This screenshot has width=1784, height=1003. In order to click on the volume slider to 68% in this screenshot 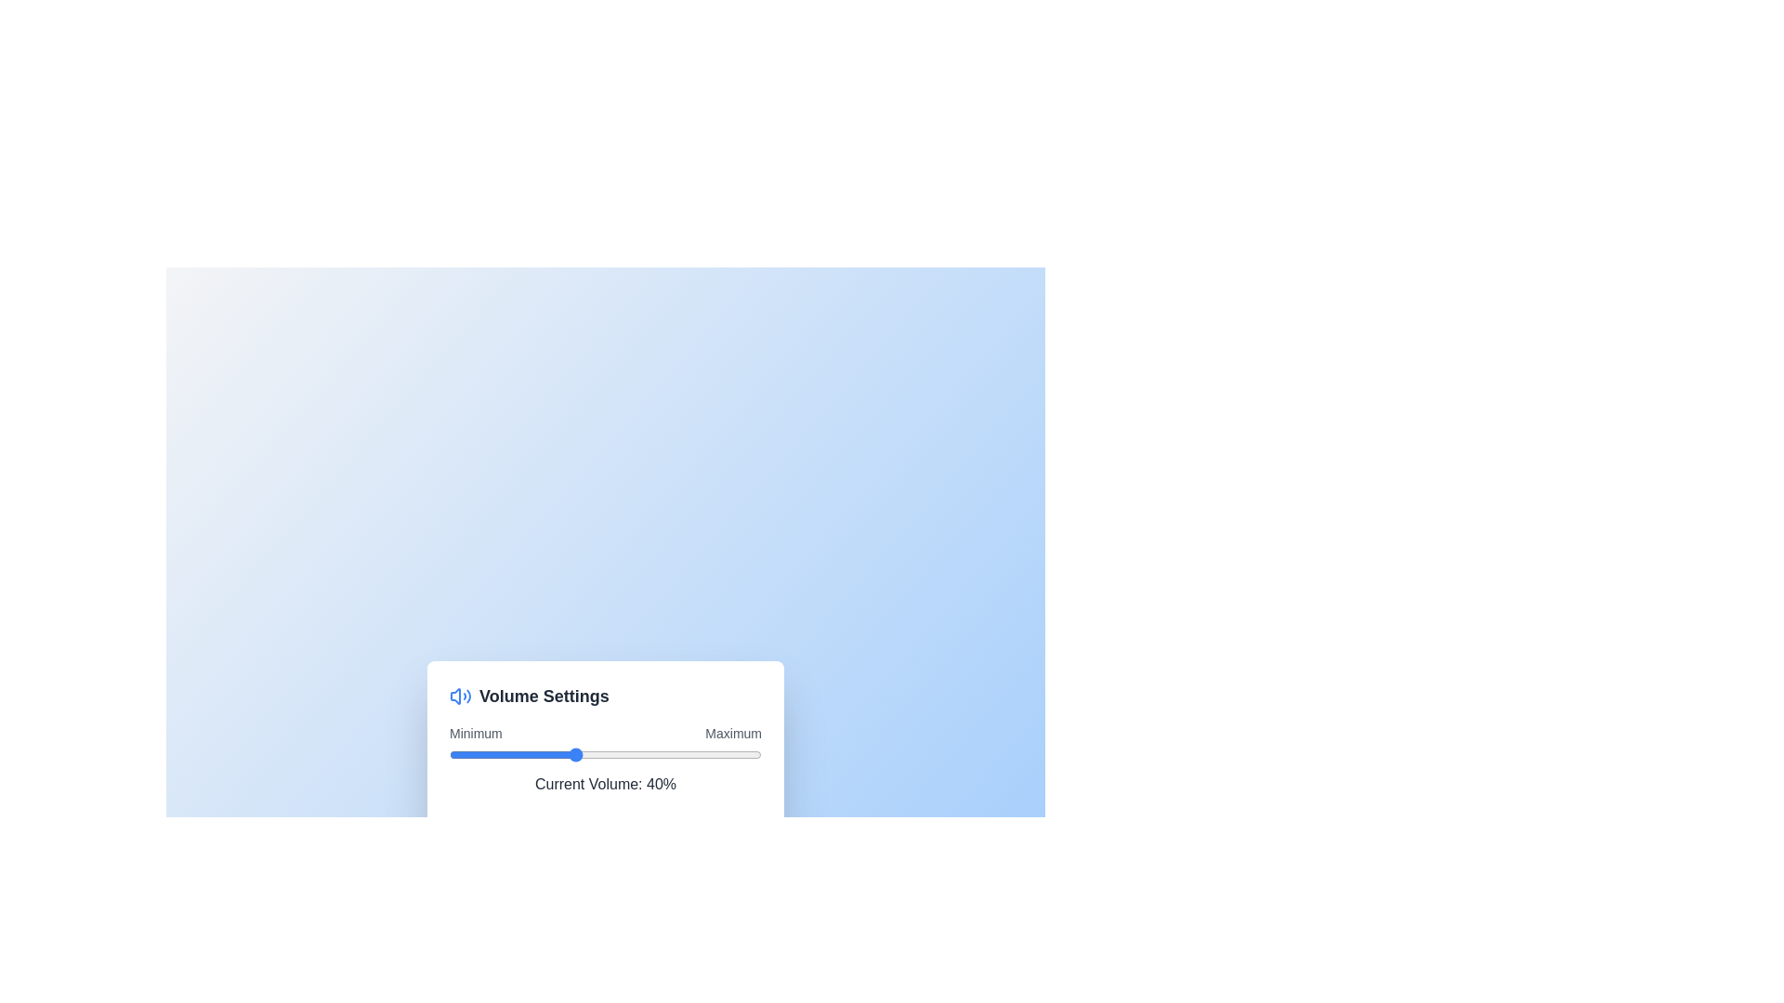, I will do `click(662, 754)`.